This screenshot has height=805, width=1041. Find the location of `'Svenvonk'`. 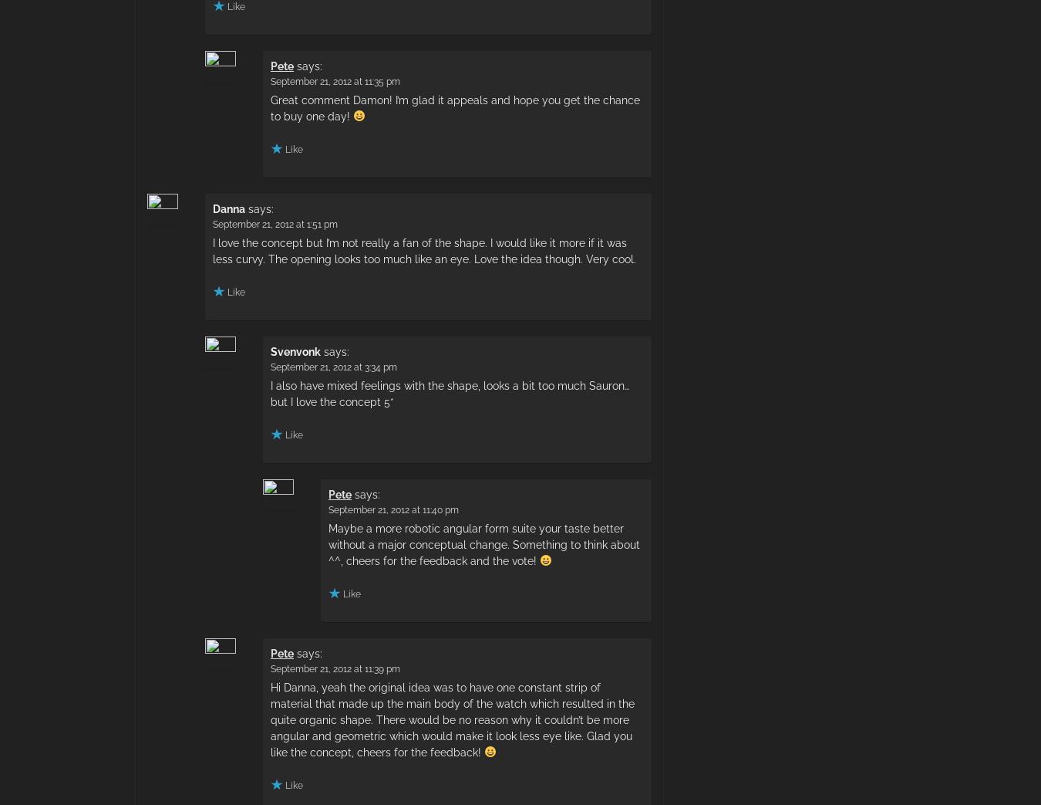

'Svenvonk' is located at coordinates (295, 350).